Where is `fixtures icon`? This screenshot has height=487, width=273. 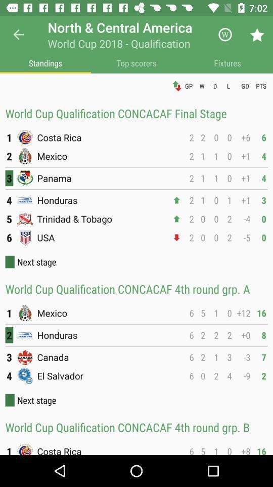 fixtures icon is located at coordinates (227, 62).